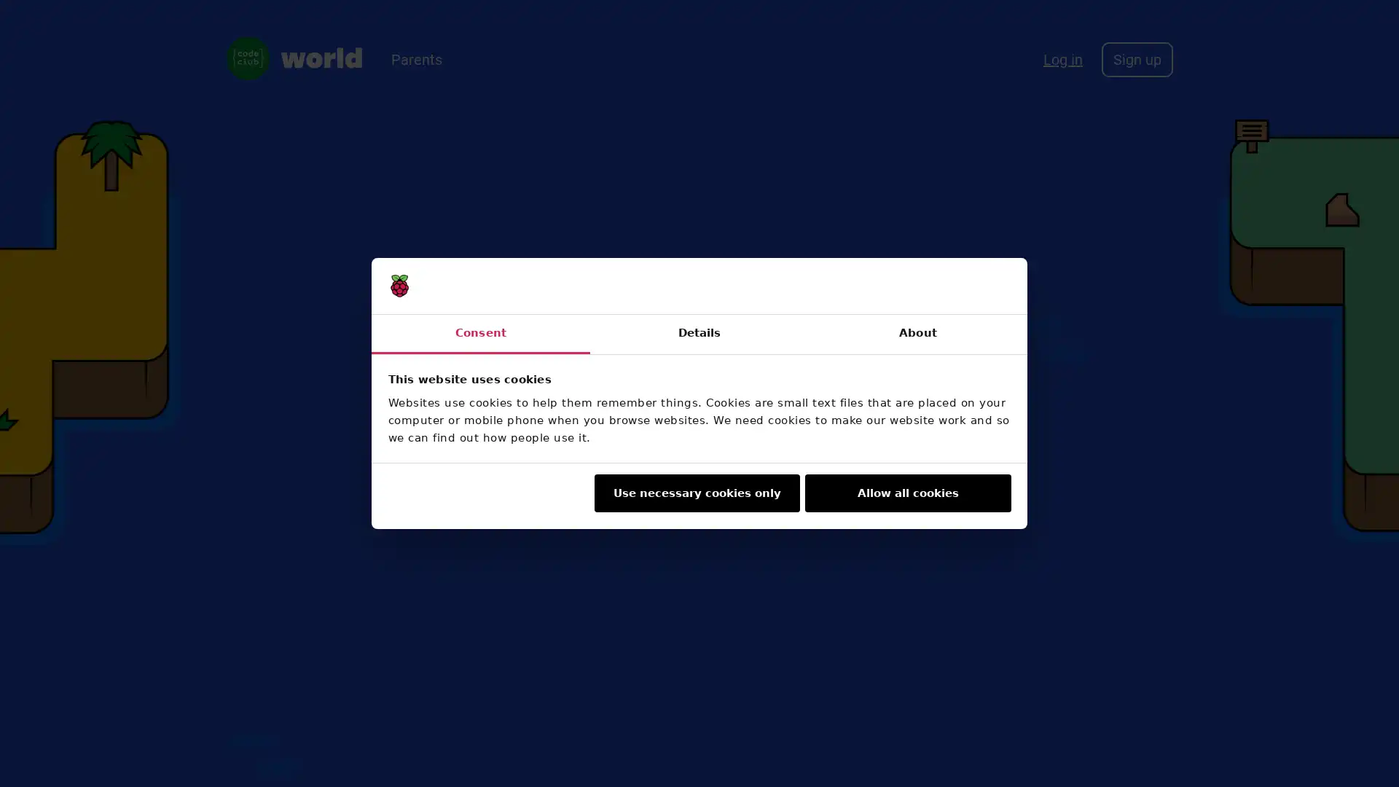  What do you see at coordinates (695, 493) in the screenshot?
I see `Use necessary cookies only` at bounding box center [695, 493].